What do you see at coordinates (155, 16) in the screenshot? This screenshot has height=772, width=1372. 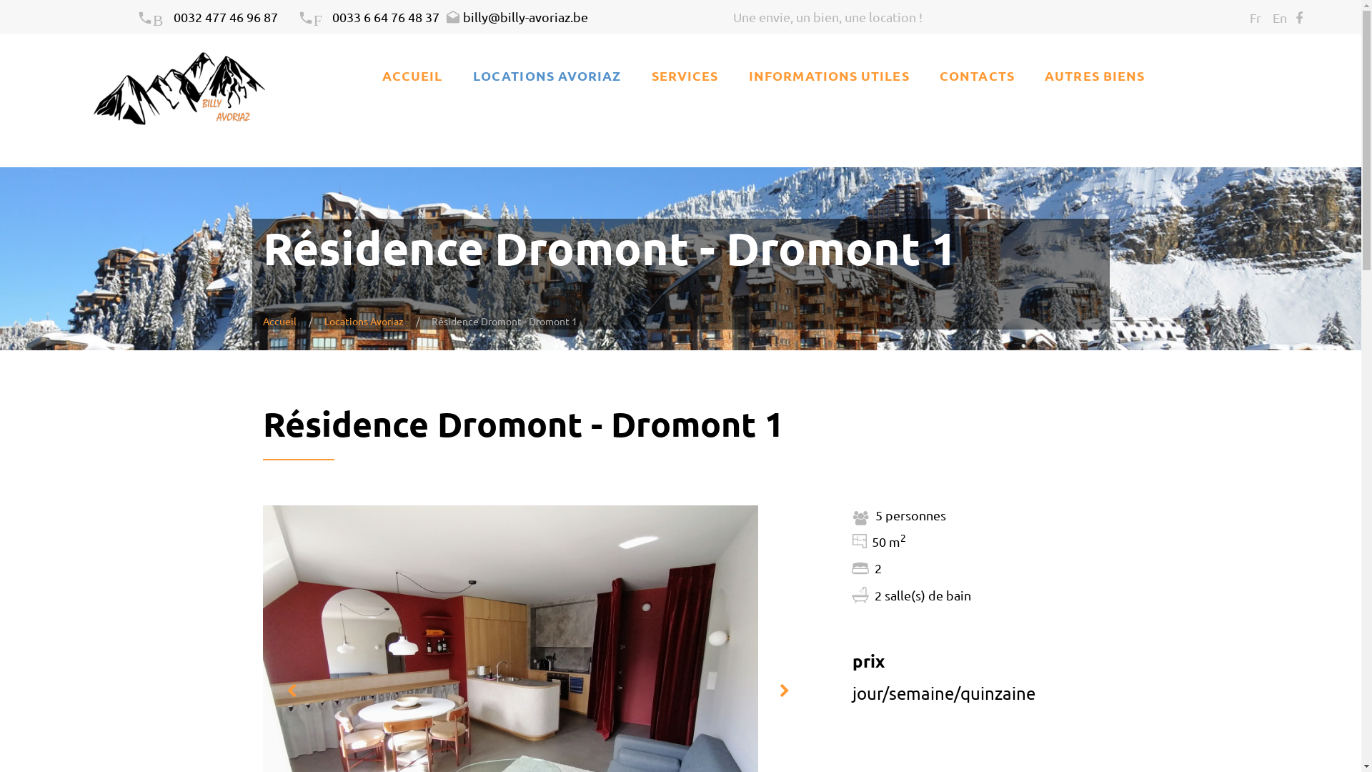 I see `'B  '` at bounding box center [155, 16].